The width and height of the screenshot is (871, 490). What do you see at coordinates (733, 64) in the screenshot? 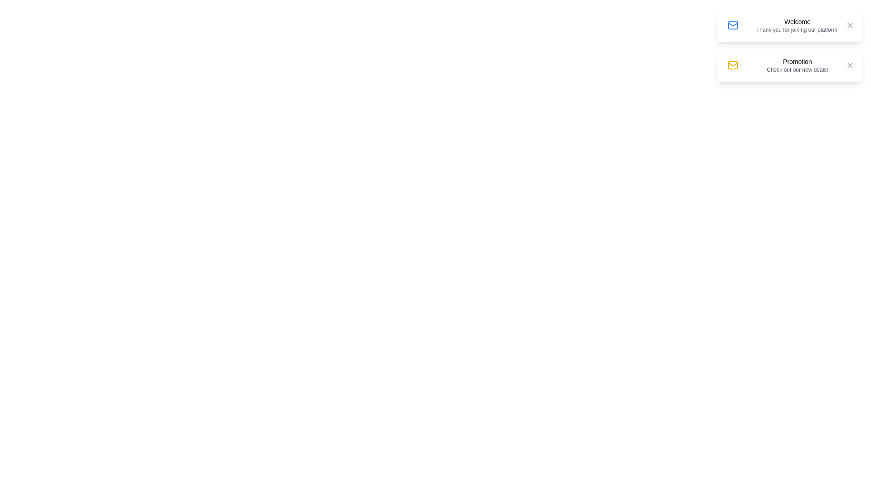
I see `the yellow-orange envelope icon located within the 'Promotion' notification card, positioned to the left of the text content` at bounding box center [733, 64].